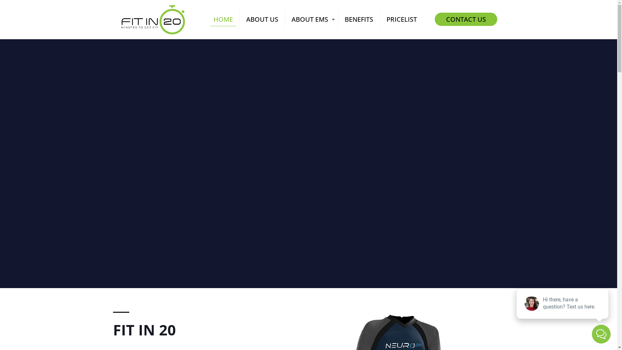 This screenshot has width=622, height=350. What do you see at coordinates (262, 19) in the screenshot?
I see `'ABOUT US'` at bounding box center [262, 19].